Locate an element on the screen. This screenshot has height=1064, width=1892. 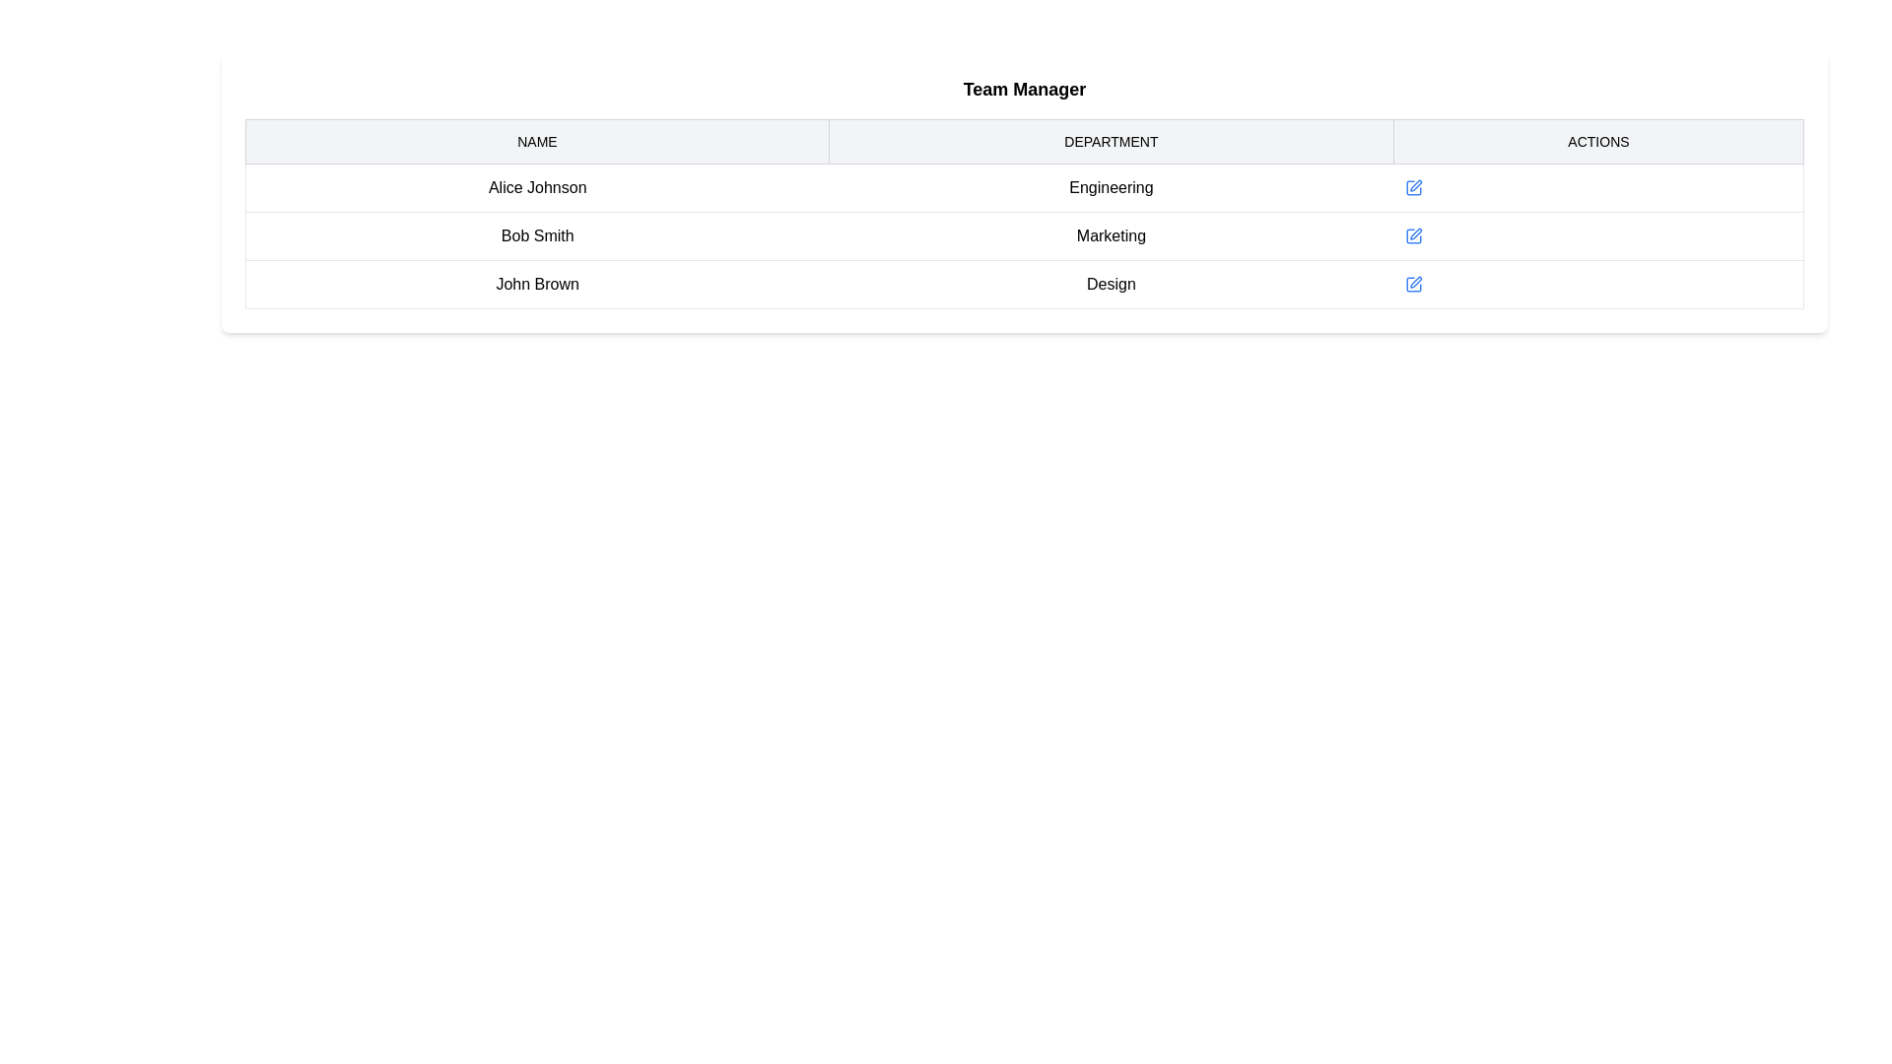
the compact square-like icon with a blue outline located in the 'Actions' column, third row of the table, adjacent to the 'Design' department is located at coordinates (1413, 285).